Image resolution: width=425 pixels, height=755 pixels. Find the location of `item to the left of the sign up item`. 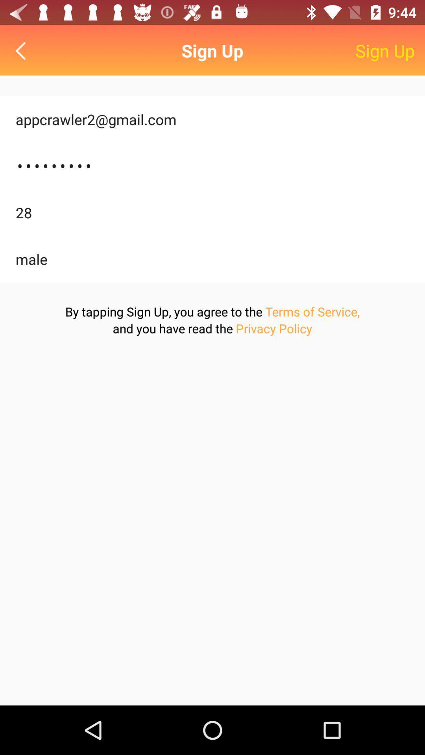

item to the left of the sign up item is located at coordinates (22, 50).